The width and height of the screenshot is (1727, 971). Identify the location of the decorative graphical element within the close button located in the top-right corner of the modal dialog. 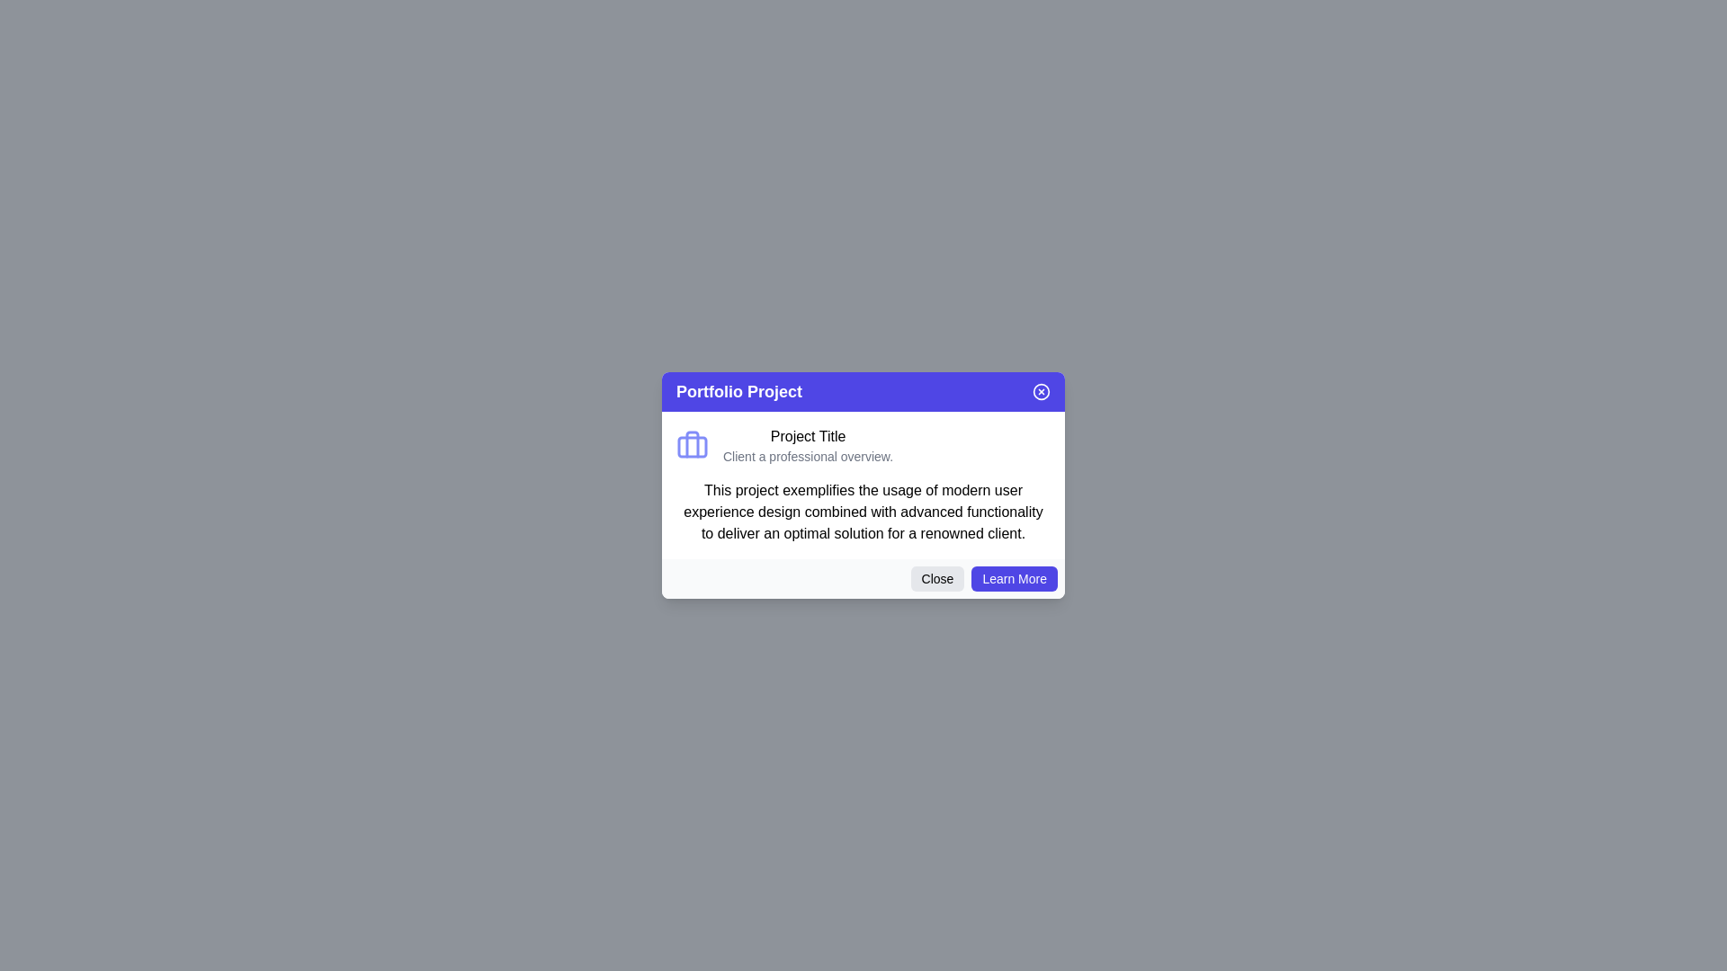
(1041, 390).